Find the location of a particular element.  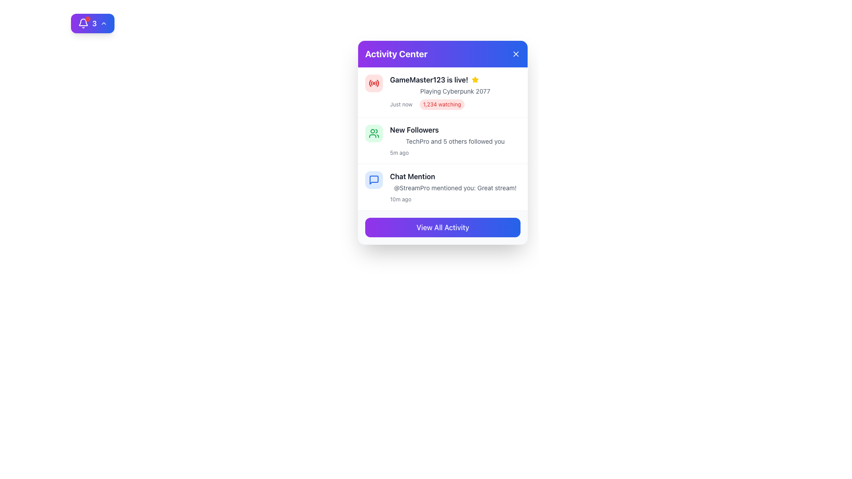

the second notification card in the Activity Center is located at coordinates (443, 140).